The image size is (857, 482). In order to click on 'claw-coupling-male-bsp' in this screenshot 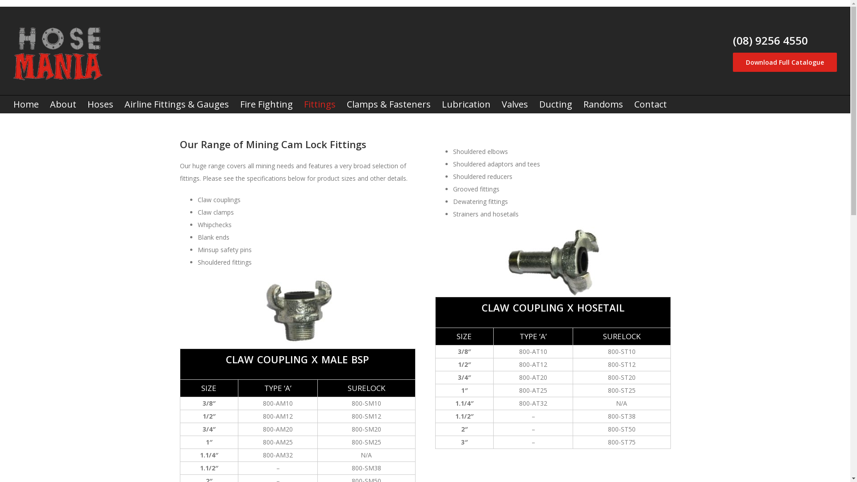, I will do `click(298, 311)`.